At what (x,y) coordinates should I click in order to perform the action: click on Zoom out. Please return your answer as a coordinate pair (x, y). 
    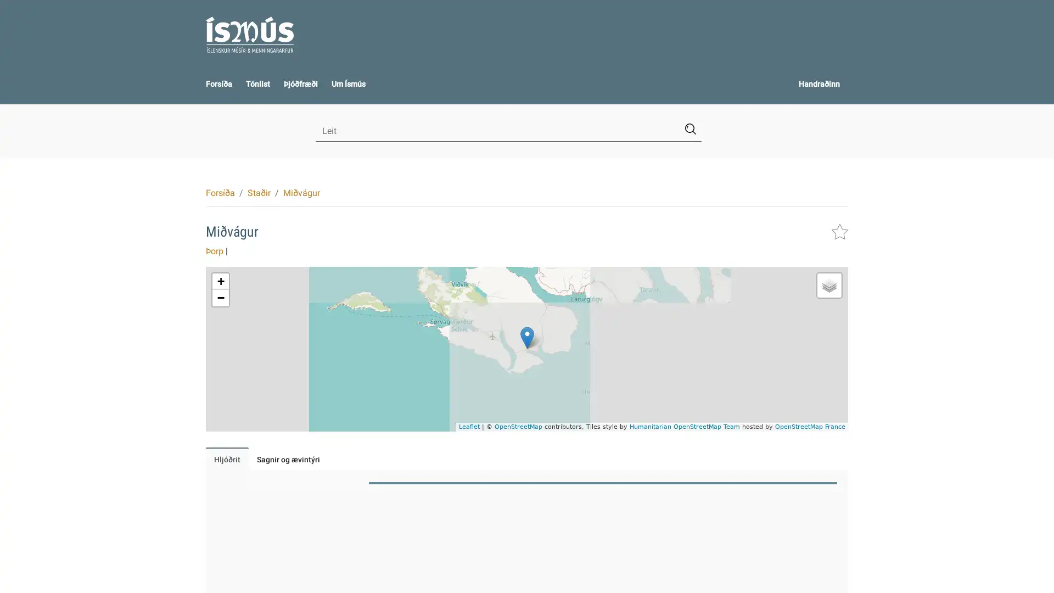
    Looking at the image, I should click on (220, 298).